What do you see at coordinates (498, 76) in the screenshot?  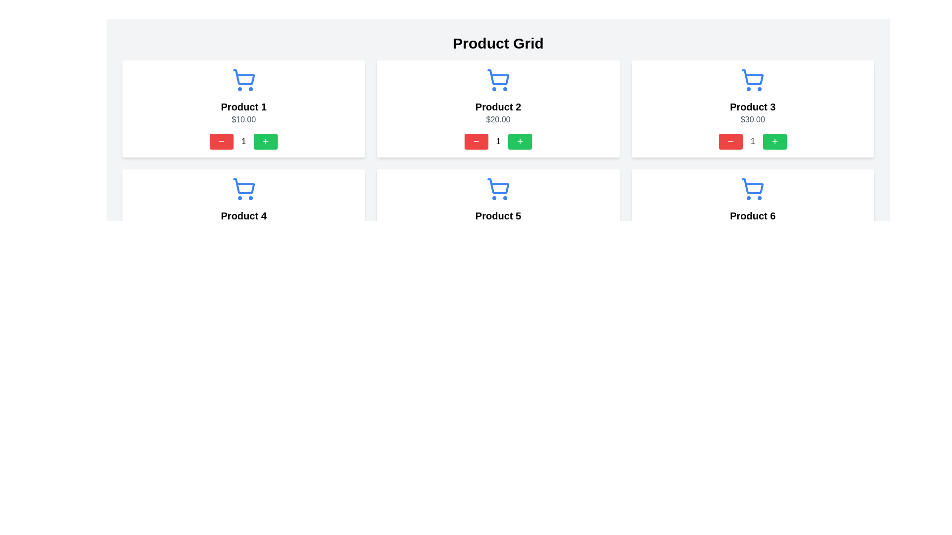 I see `the shopping cart icon with a blue border, located above the text 'Product 2' in the top-center panel` at bounding box center [498, 76].